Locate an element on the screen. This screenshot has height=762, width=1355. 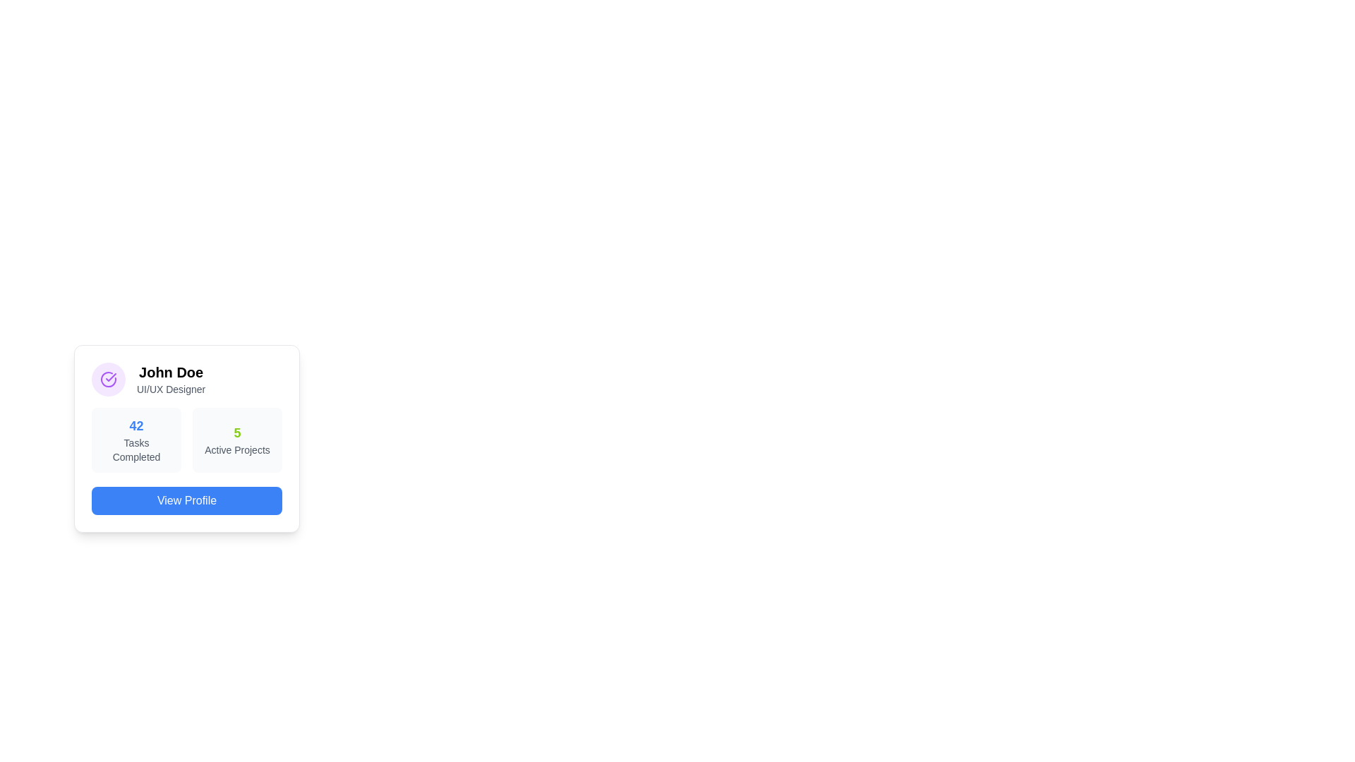
the Information Display Panel located in the bottom right section of the card that shows the number of active projects is located at coordinates (237, 440).